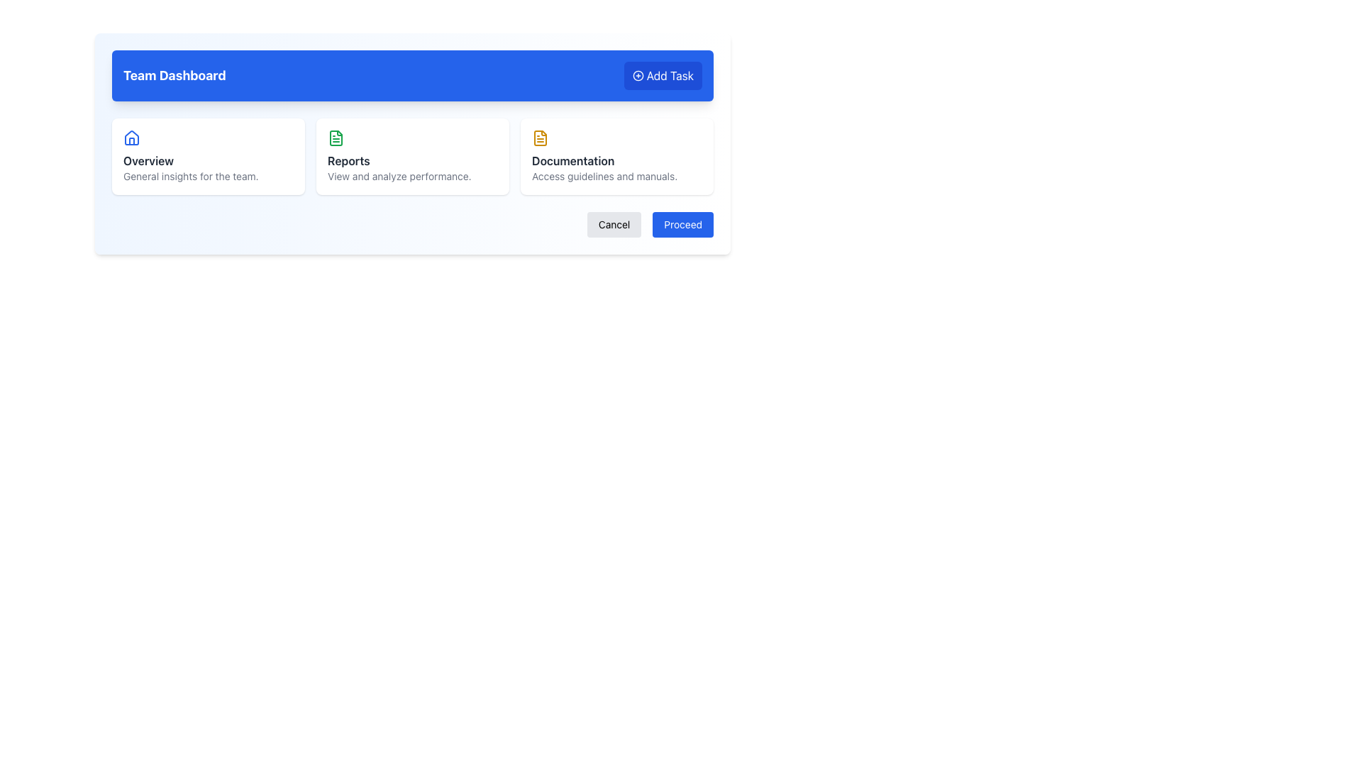 Image resolution: width=1362 pixels, height=766 pixels. What do you see at coordinates (399, 176) in the screenshot?
I see `text content of the text label displaying 'View and analyze performance.' located below the 'Reports' heading in the second card of the horizontal trio` at bounding box center [399, 176].